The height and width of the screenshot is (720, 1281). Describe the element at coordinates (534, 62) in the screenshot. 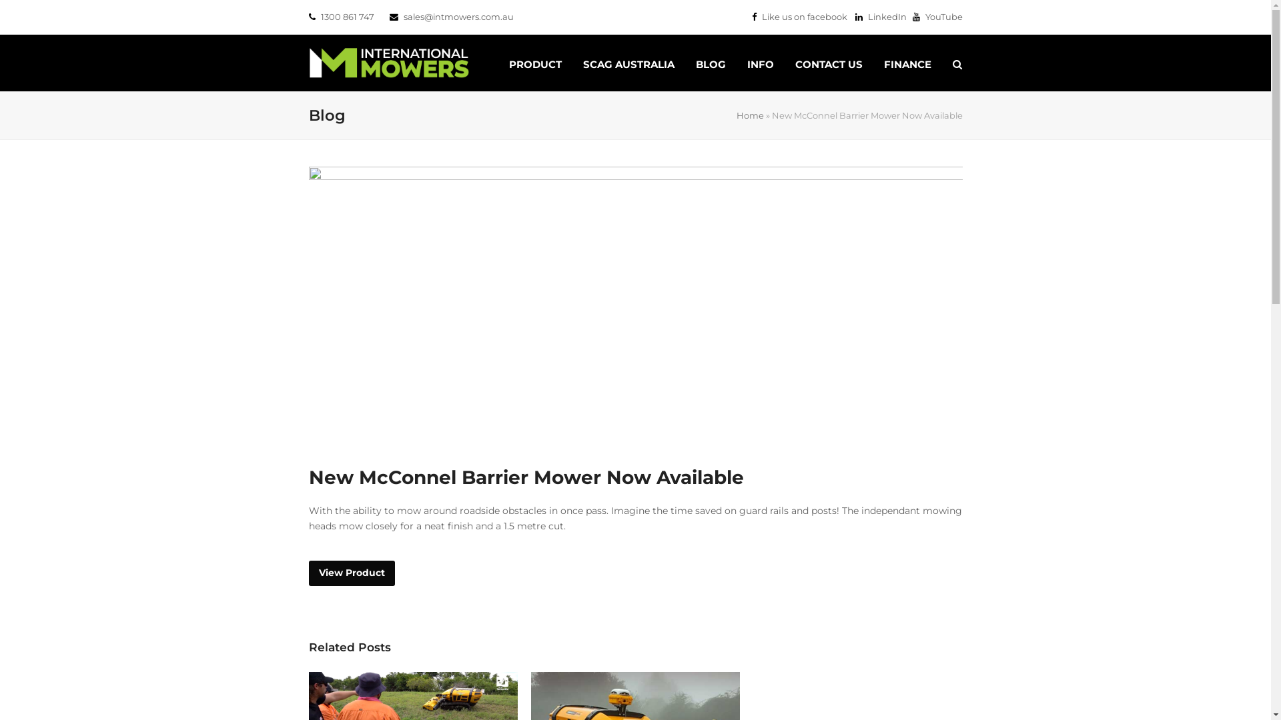

I see `'PRODUCT'` at that location.